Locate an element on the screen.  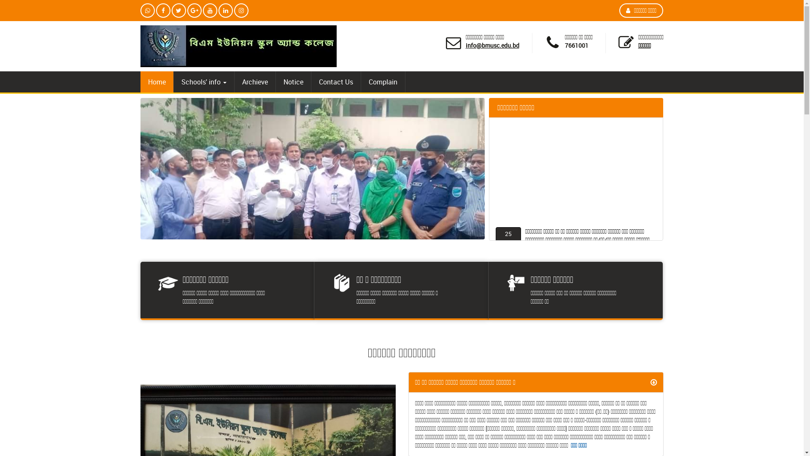
'Contact Us' is located at coordinates (335, 81).